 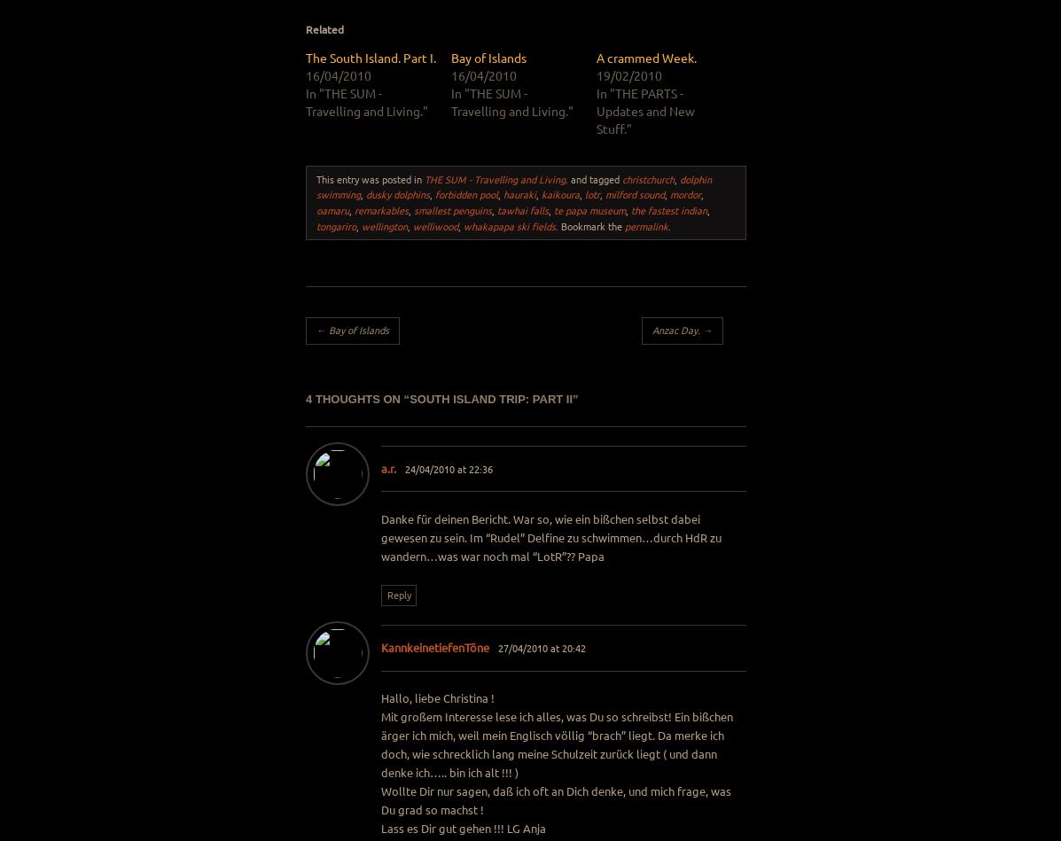 I want to click on '4 thoughts on “', so click(x=357, y=398).